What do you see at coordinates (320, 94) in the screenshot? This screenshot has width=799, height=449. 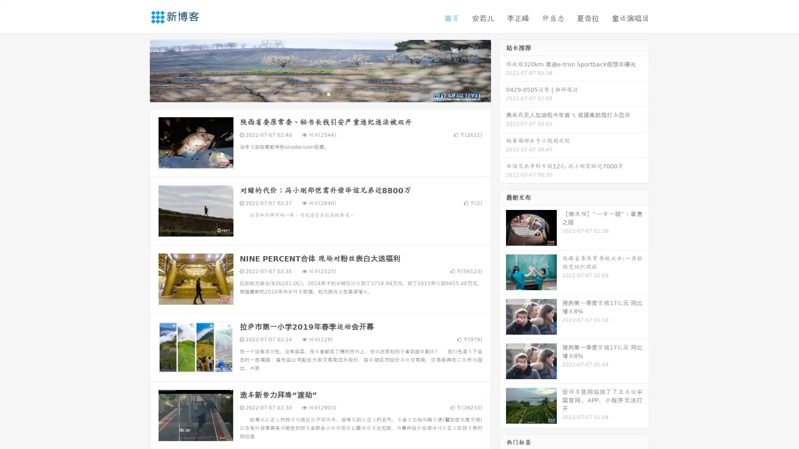 I see `Go to slide 2` at bounding box center [320, 94].